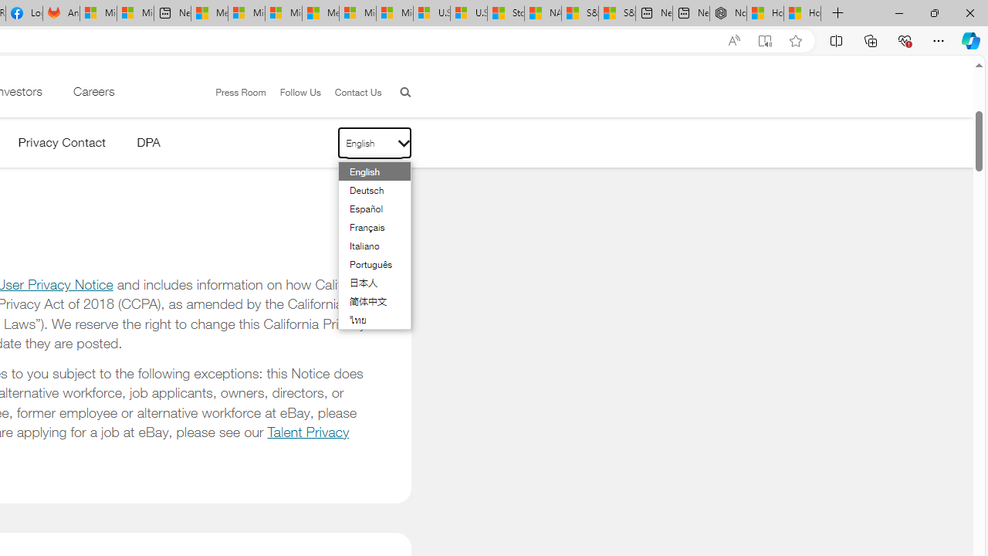 The height and width of the screenshot is (556, 988). What do you see at coordinates (837, 13) in the screenshot?
I see `'New Tab'` at bounding box center [837, 13].